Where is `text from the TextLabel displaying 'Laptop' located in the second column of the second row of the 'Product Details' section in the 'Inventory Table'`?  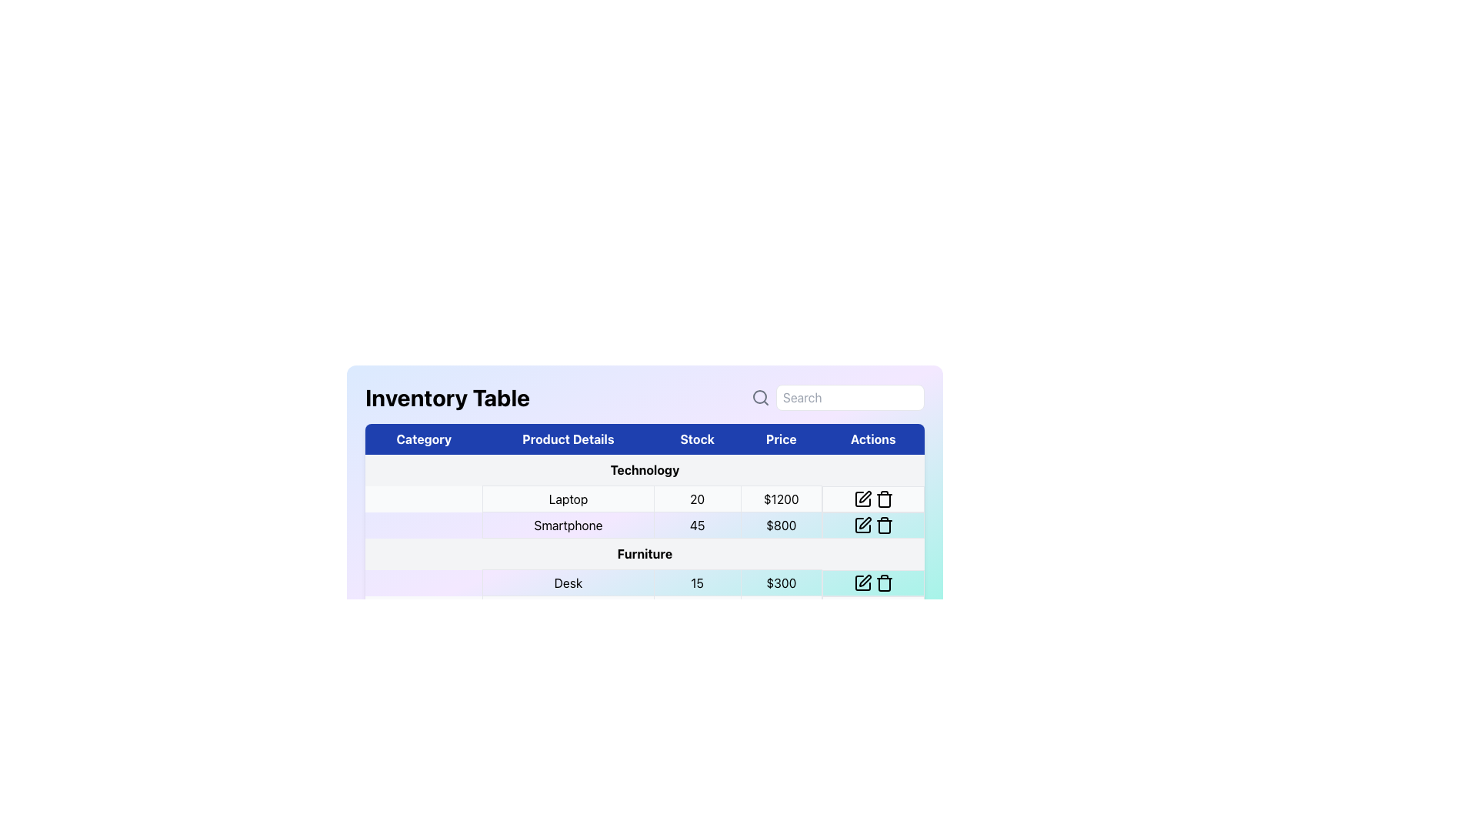
text from the TextLabel displaying 'Laptop' located in the second column of the second row of the 'Product Details' section in the 'Inventory Table' is located at coordinates (568, 499).